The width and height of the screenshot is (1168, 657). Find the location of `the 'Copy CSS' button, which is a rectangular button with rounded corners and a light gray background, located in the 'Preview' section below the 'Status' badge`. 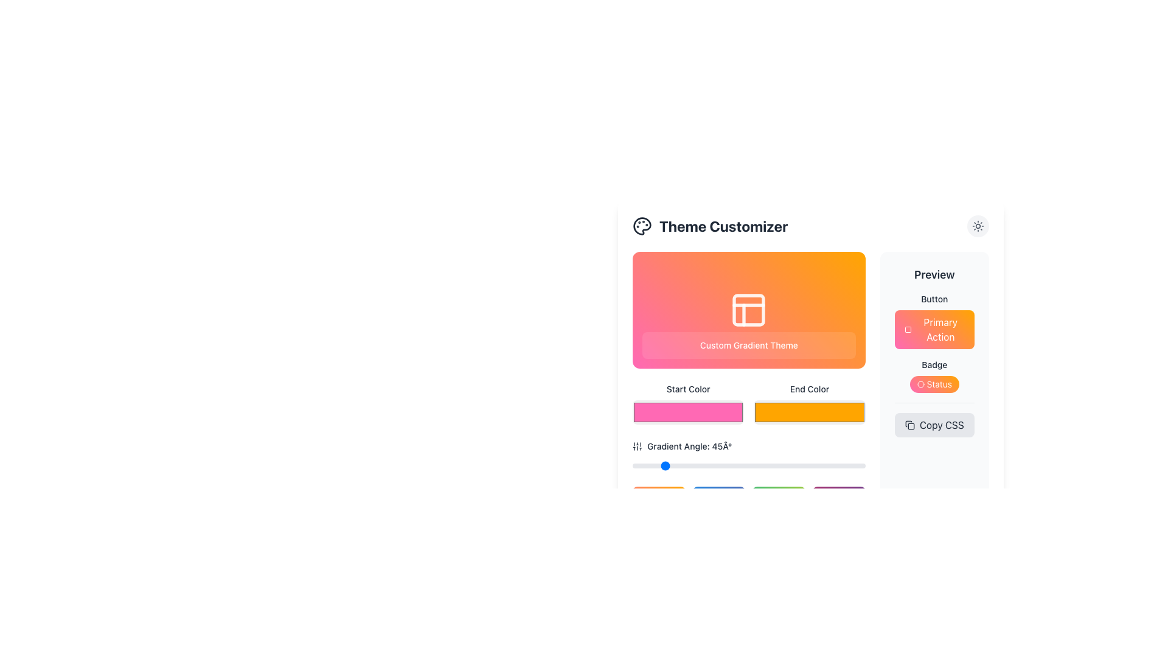

the 'Copy CSS' button, which is a rectangular button with rounded corners and a light gray background, located in the 'Preview' section below the 'Status' badge is located at coordinates (934, 419).